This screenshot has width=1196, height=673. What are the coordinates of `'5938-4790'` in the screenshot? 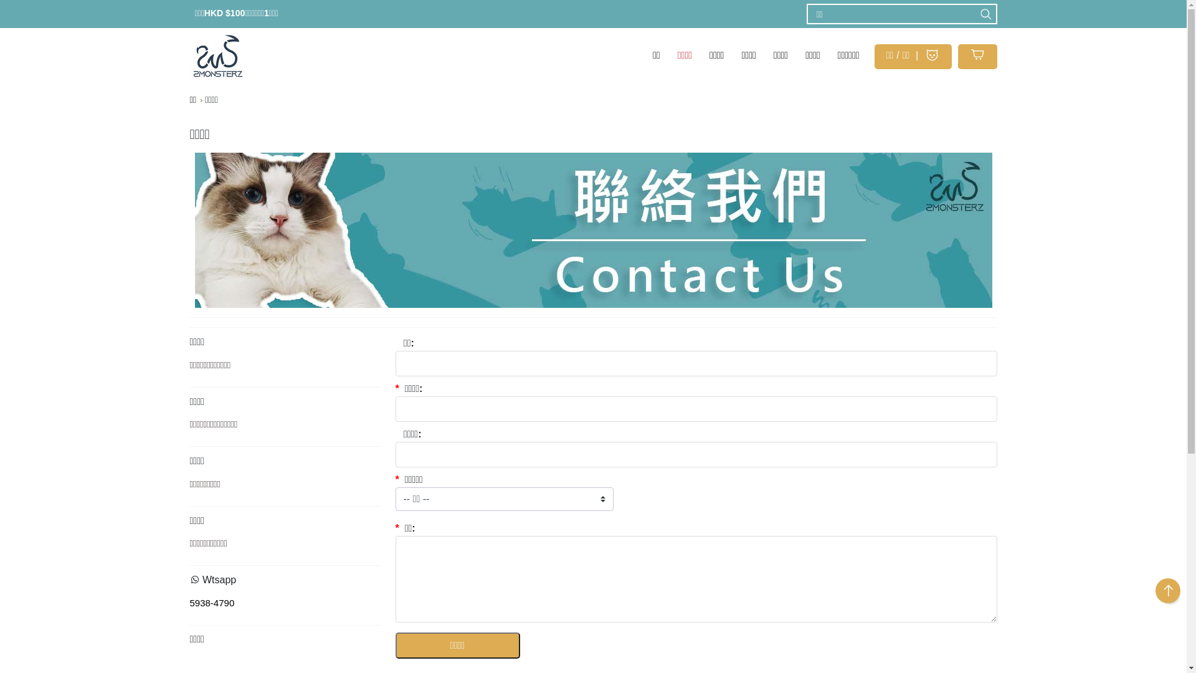 It's located at (188, 602).